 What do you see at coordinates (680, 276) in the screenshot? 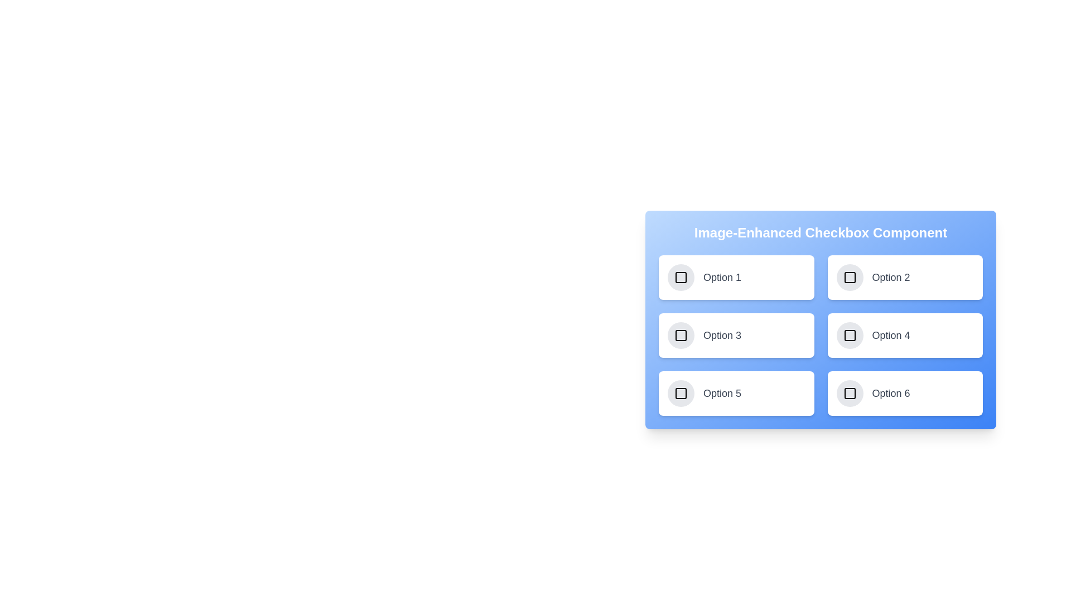
I see `the checkbox corresponding to 1` at bounding box center [680, 276].